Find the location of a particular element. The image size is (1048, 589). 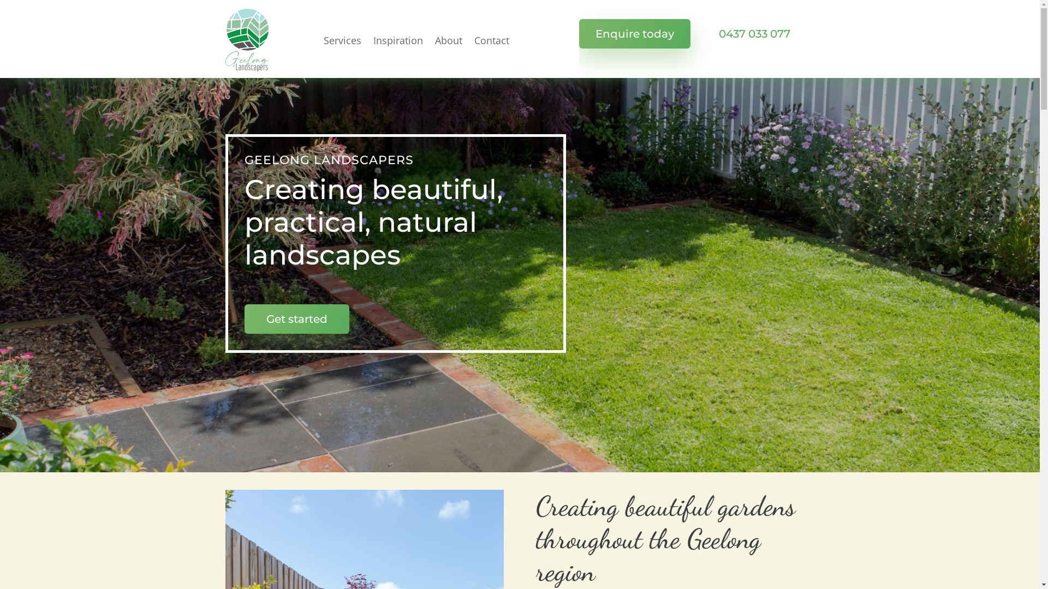

'Services' is located at coordinates (341, 39).